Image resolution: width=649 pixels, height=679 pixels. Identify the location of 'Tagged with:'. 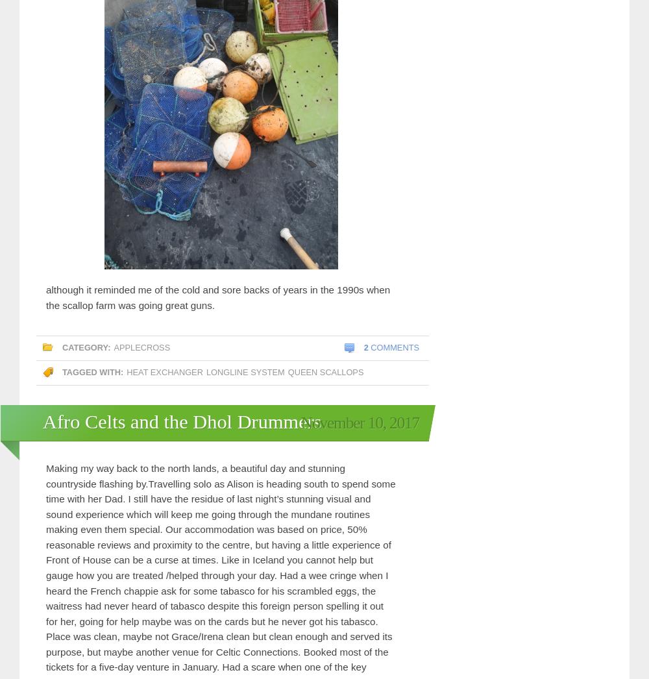
(93, 371).